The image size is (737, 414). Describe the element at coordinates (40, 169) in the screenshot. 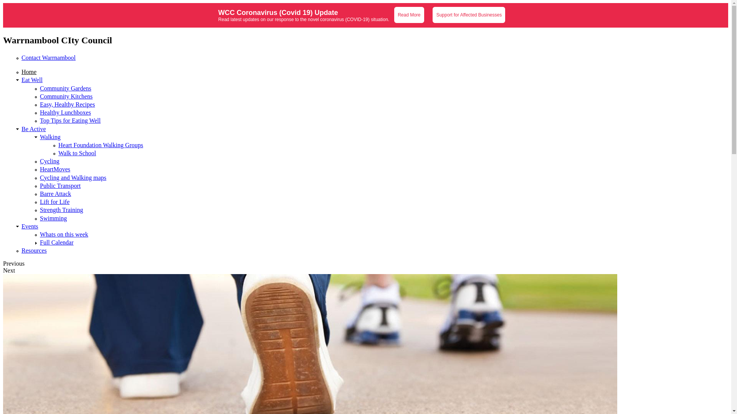

I see `'HeartMoves'` at that location.